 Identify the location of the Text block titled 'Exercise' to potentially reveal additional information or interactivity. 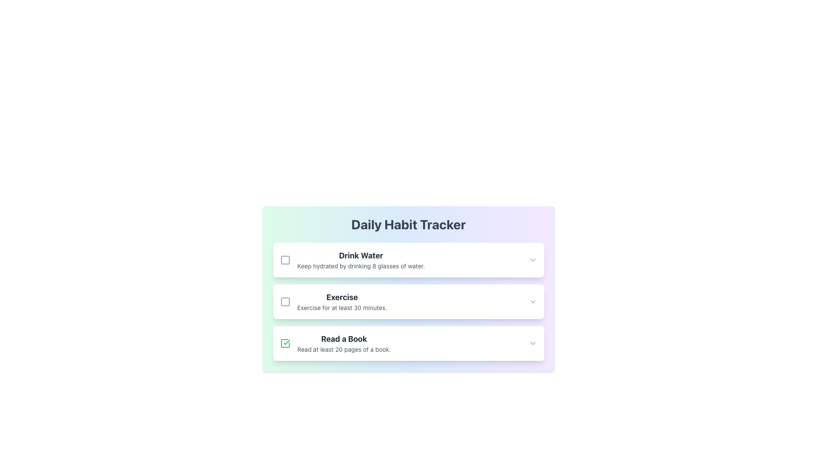
(341, 301).